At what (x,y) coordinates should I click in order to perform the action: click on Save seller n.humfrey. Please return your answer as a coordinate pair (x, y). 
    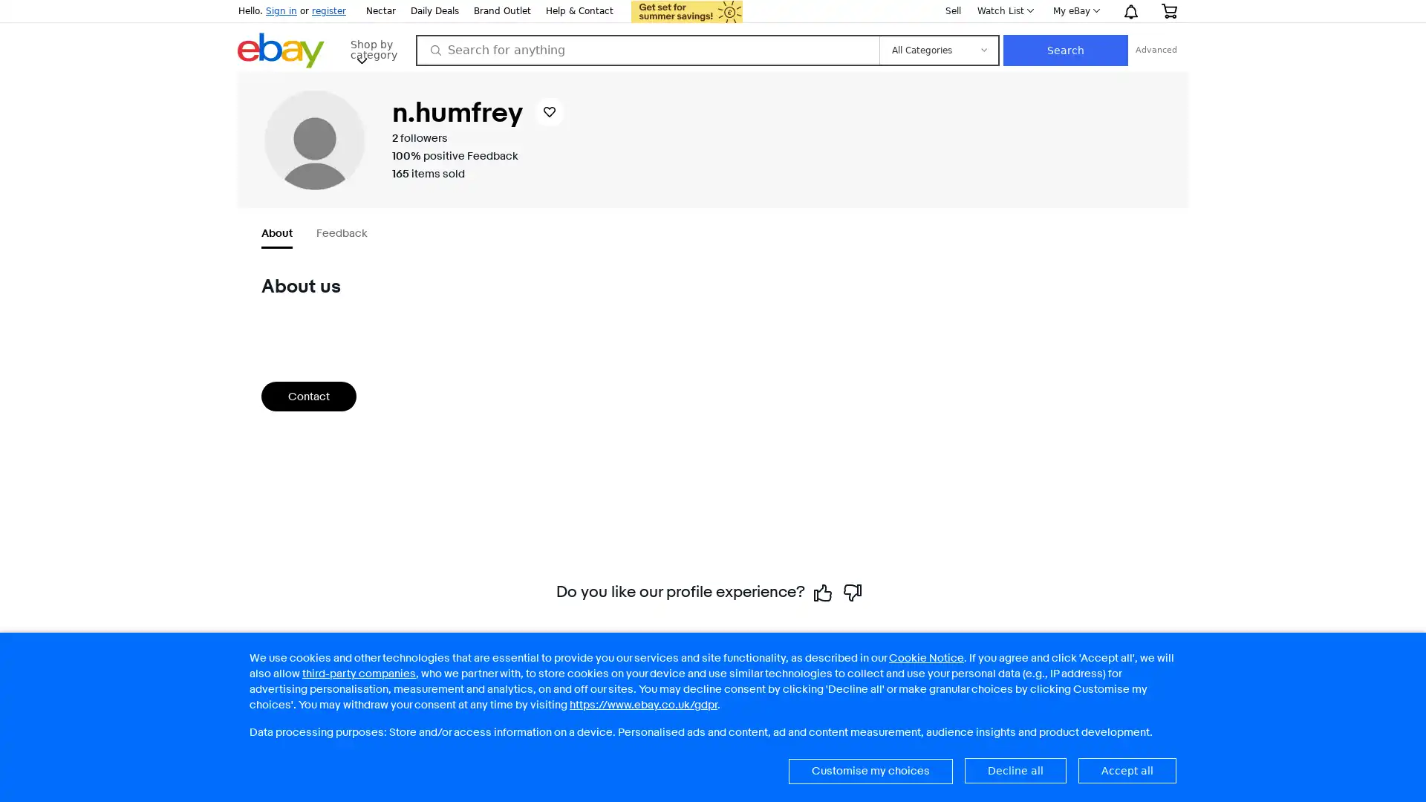
    Looking at the image, I should click on (574, 111).